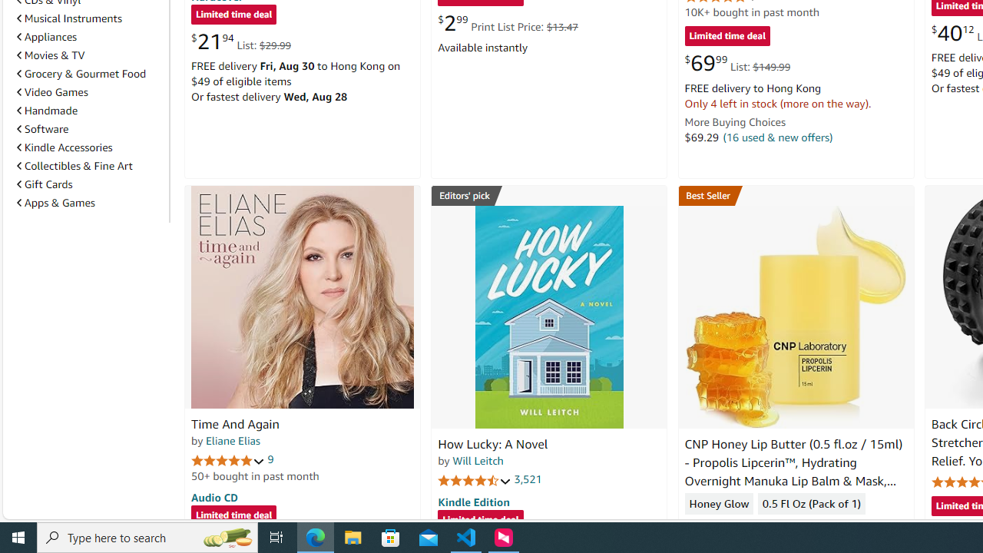 The width and height of the screenshot is (983, 553). What do you see at coordinates (89, 127) in the screenshot?
I see `'Software'` at bounding box center [89, 127].